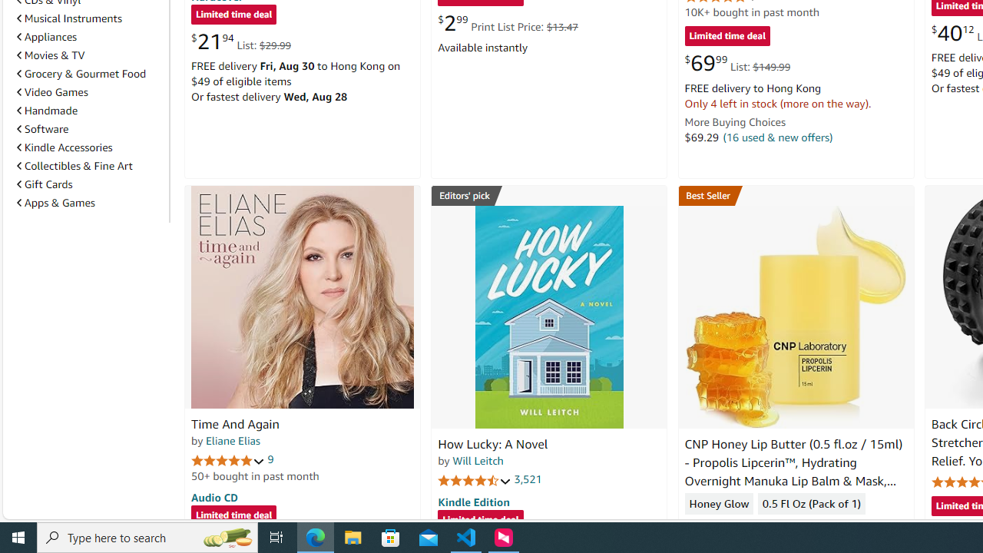 The width and height of the screenshot is (983, 553). What do you see at coordinates (89, 127) in the screenshot?
I see `'Software'` at bounding box center [89, 127].